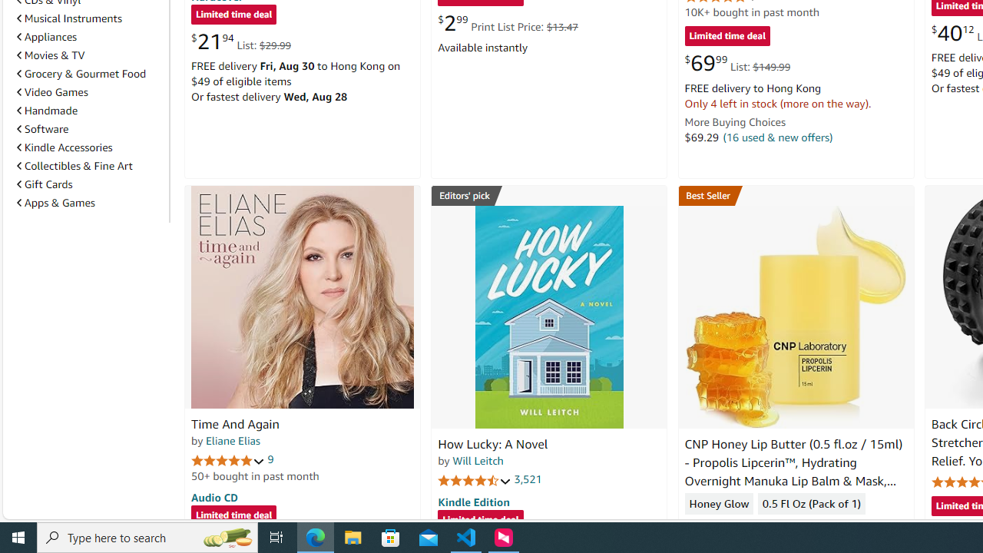 The width and height of the screenshot is (983, 553). What do you see at coordinates (89, 127) in the screenshot?
I see `'Software'` at bounding box center [89, 127].